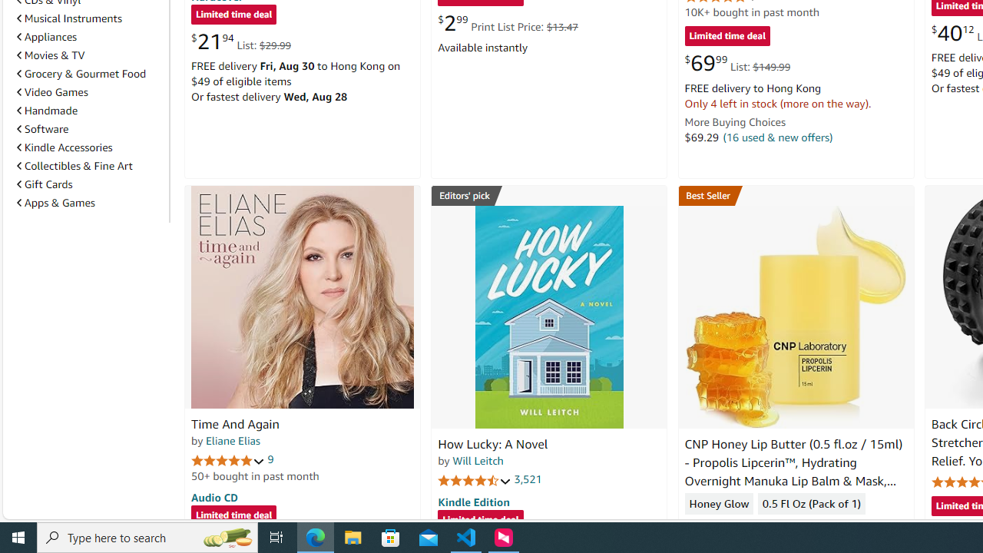 The width and height of the screenshot is (983, 553). What do you see at coordinates (89, 127) in the screenshot?
I see `'Software'` at bounding box center [89, 127].